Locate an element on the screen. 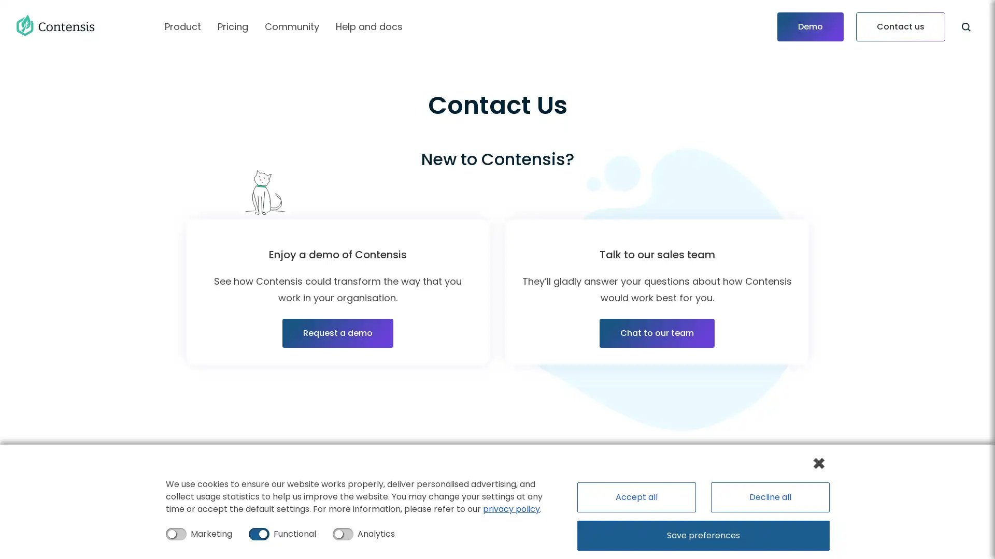  Save preferences is located at coordinates (702, 535).